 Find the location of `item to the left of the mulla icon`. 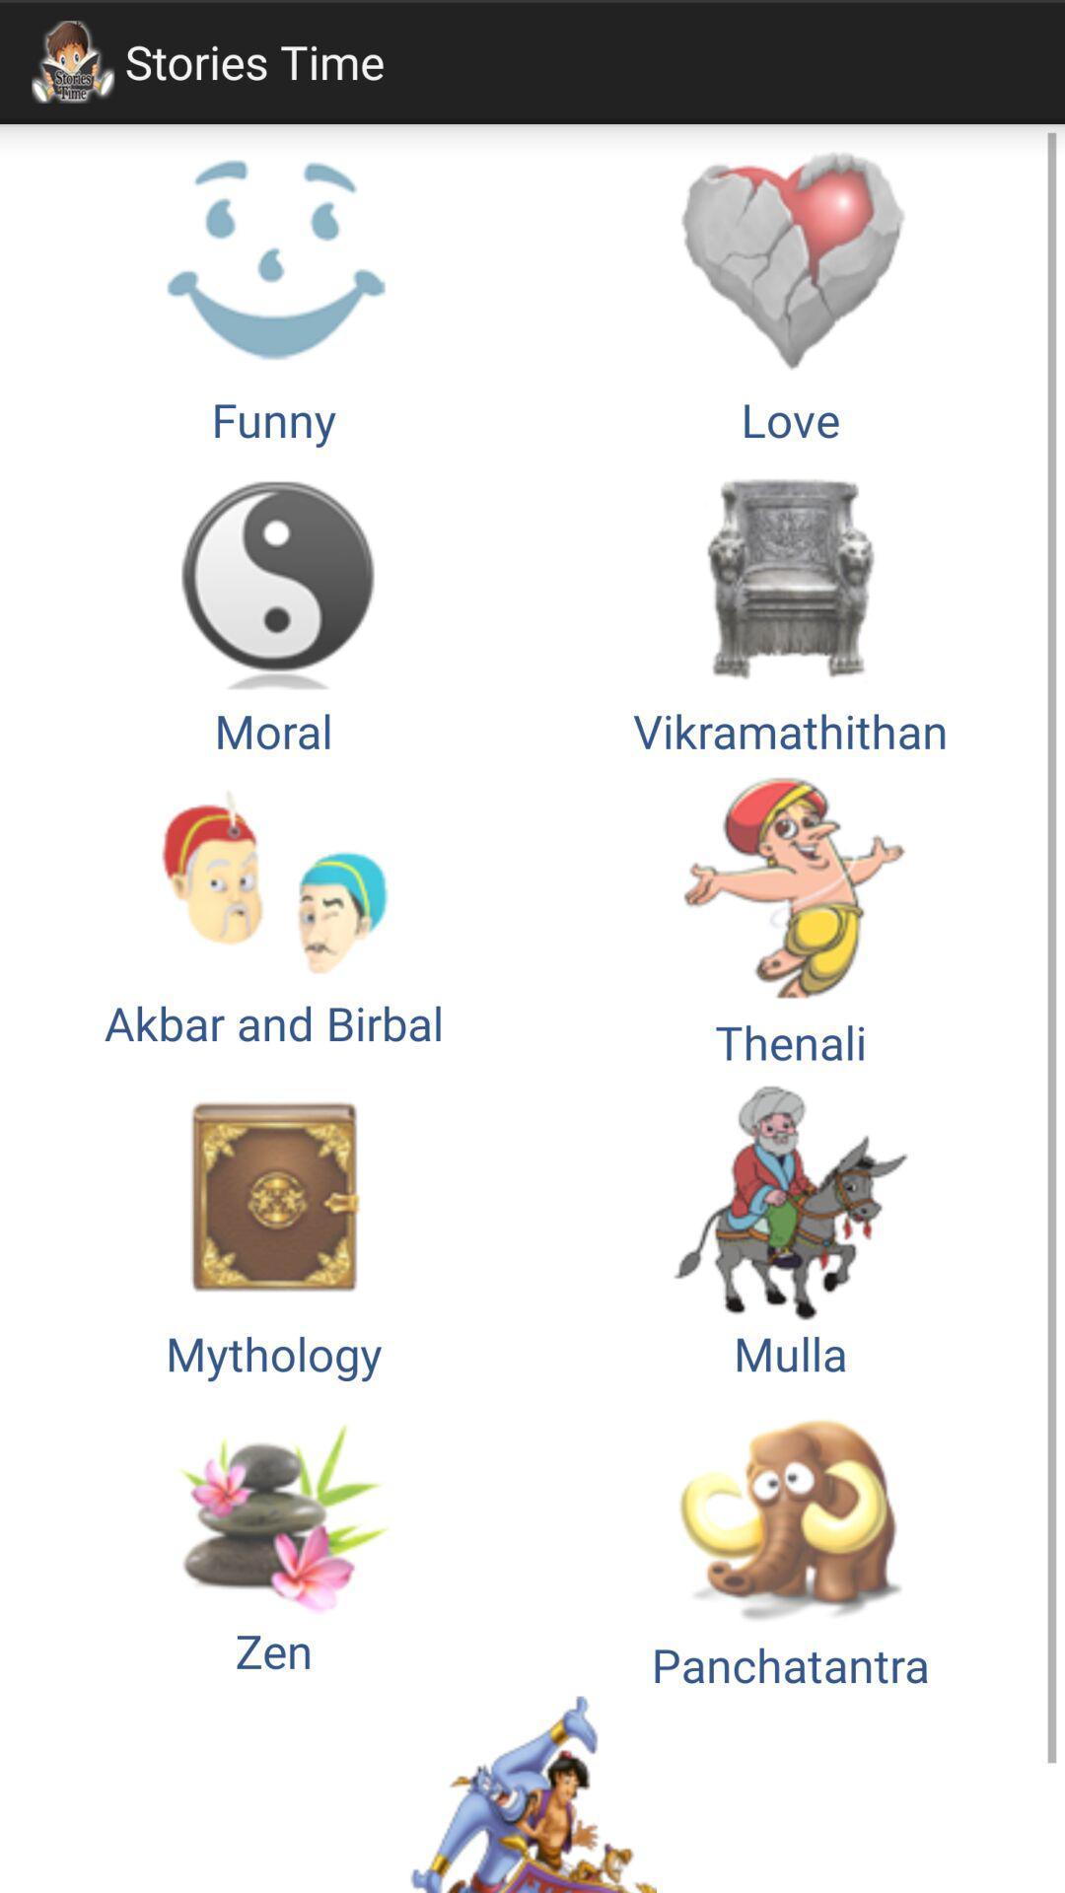

item to the left of the mulla icon is located at coordinates (273, 1539).